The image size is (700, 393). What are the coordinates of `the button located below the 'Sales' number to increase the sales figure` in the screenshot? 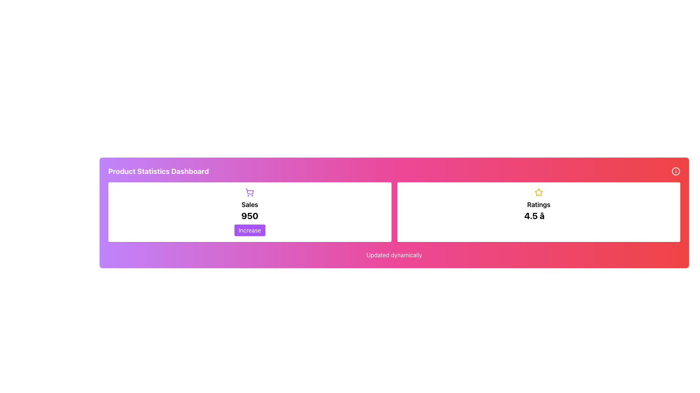 It's located at (250, 230).